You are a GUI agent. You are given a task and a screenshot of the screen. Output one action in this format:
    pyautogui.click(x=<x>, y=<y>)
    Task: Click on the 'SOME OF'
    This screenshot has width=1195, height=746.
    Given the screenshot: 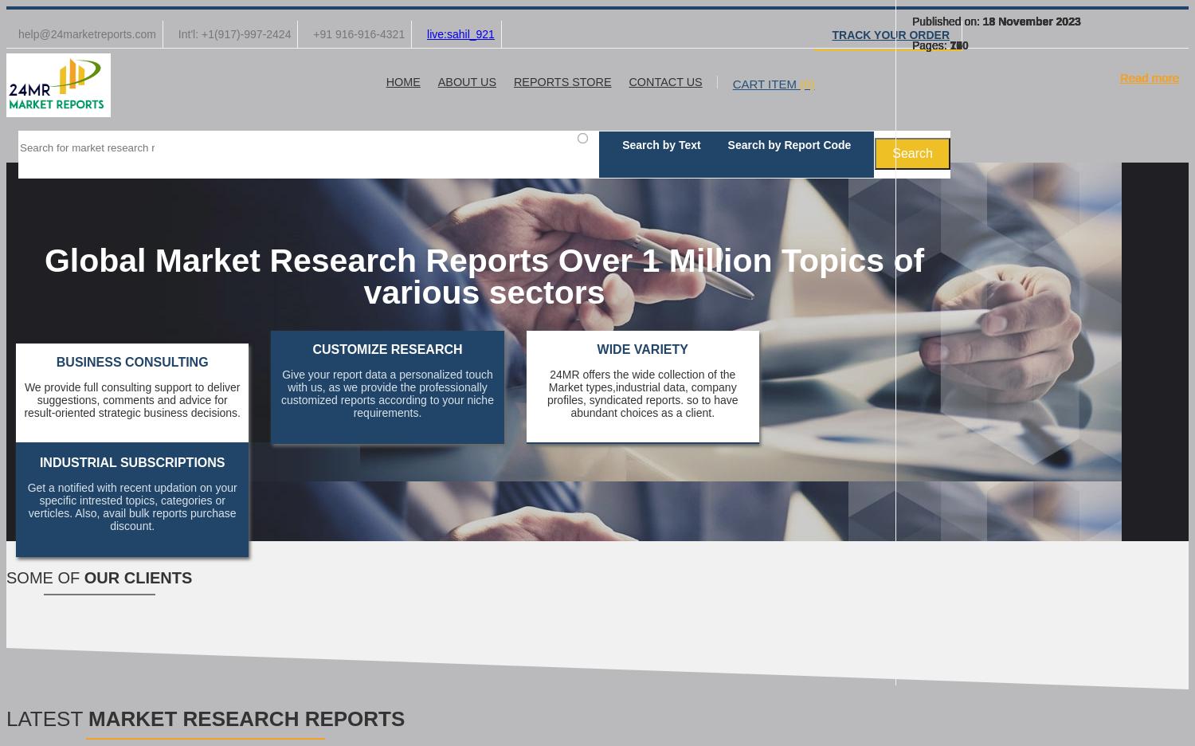 What is the action you would take?
    pyautogui.click(x=45, y=577)
    